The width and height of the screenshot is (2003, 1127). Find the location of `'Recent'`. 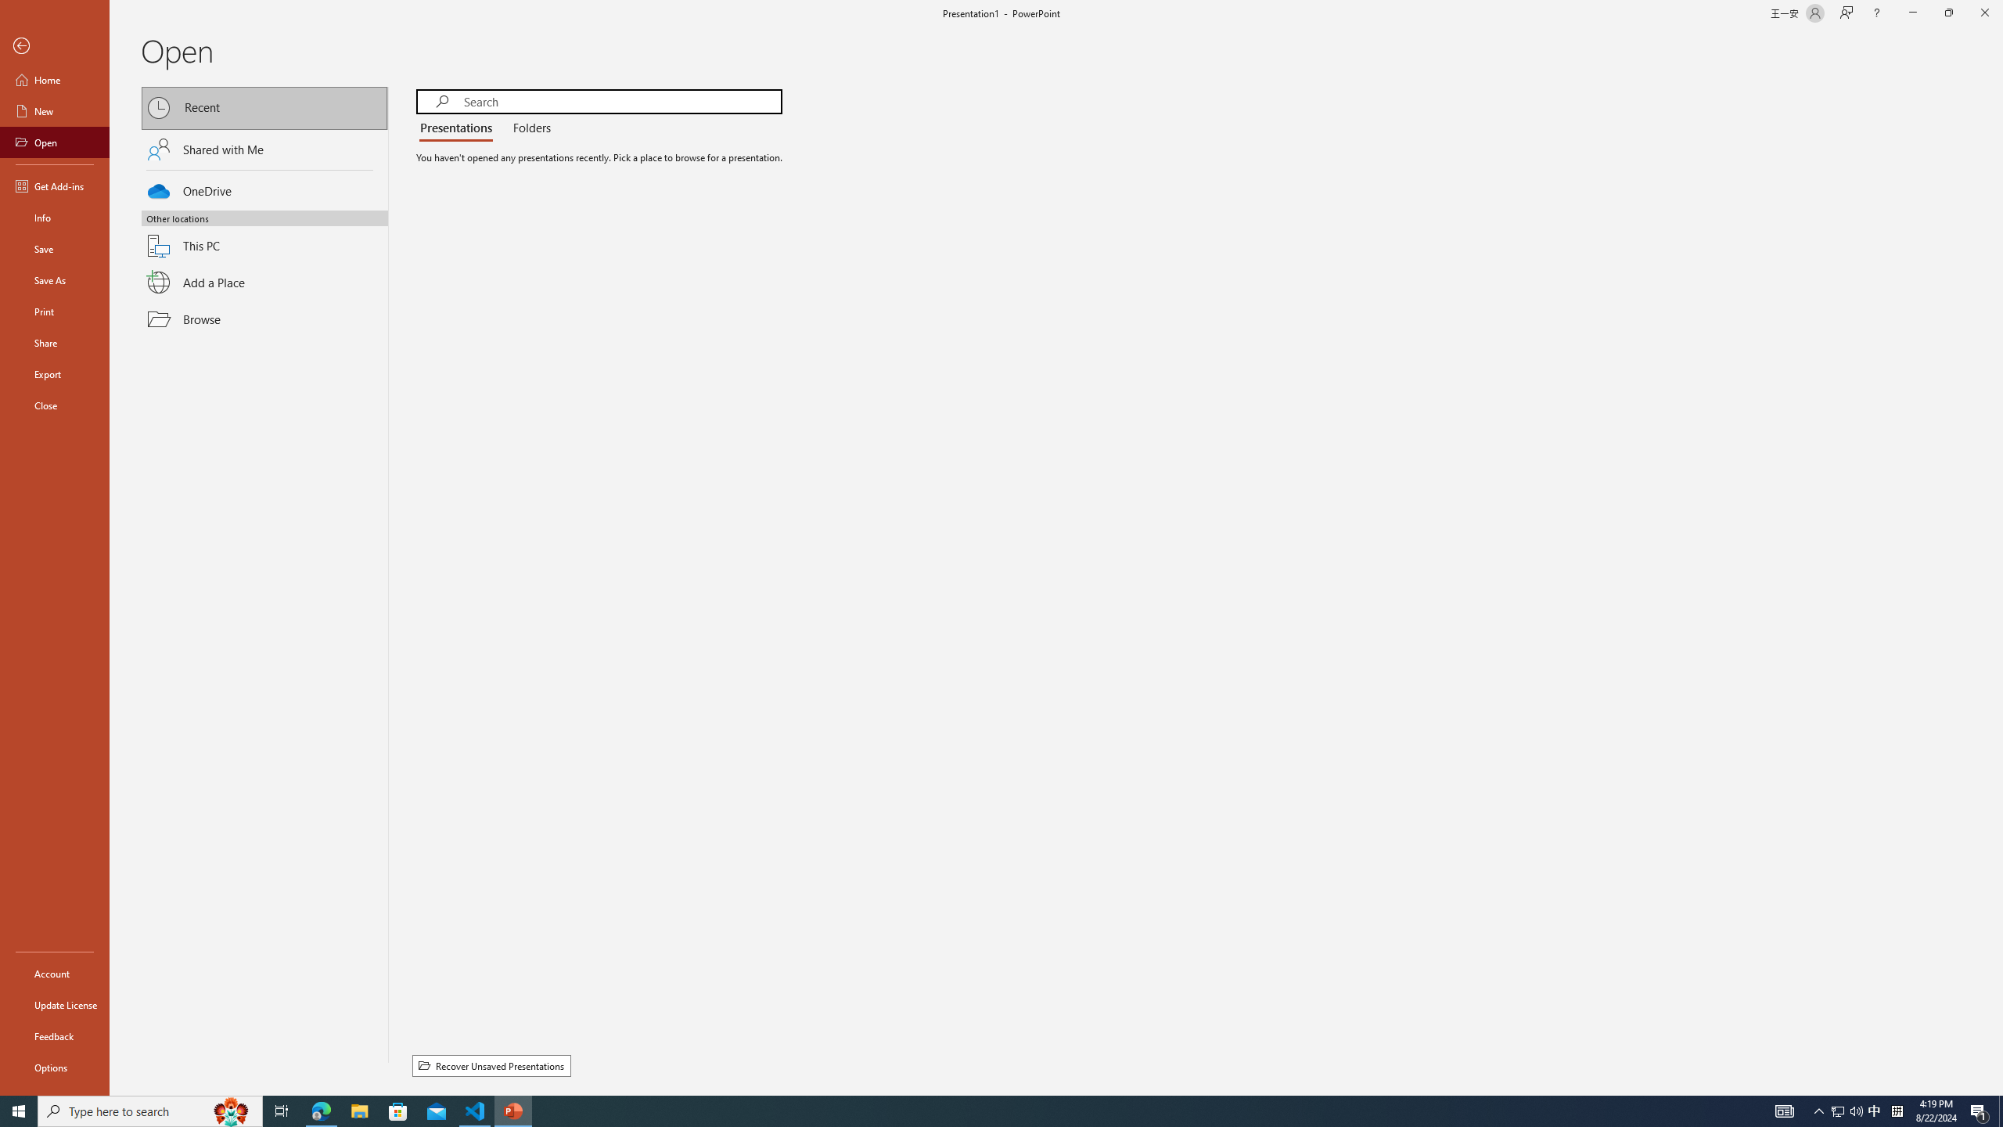

'Recent' is located at coordinates (264, 107).